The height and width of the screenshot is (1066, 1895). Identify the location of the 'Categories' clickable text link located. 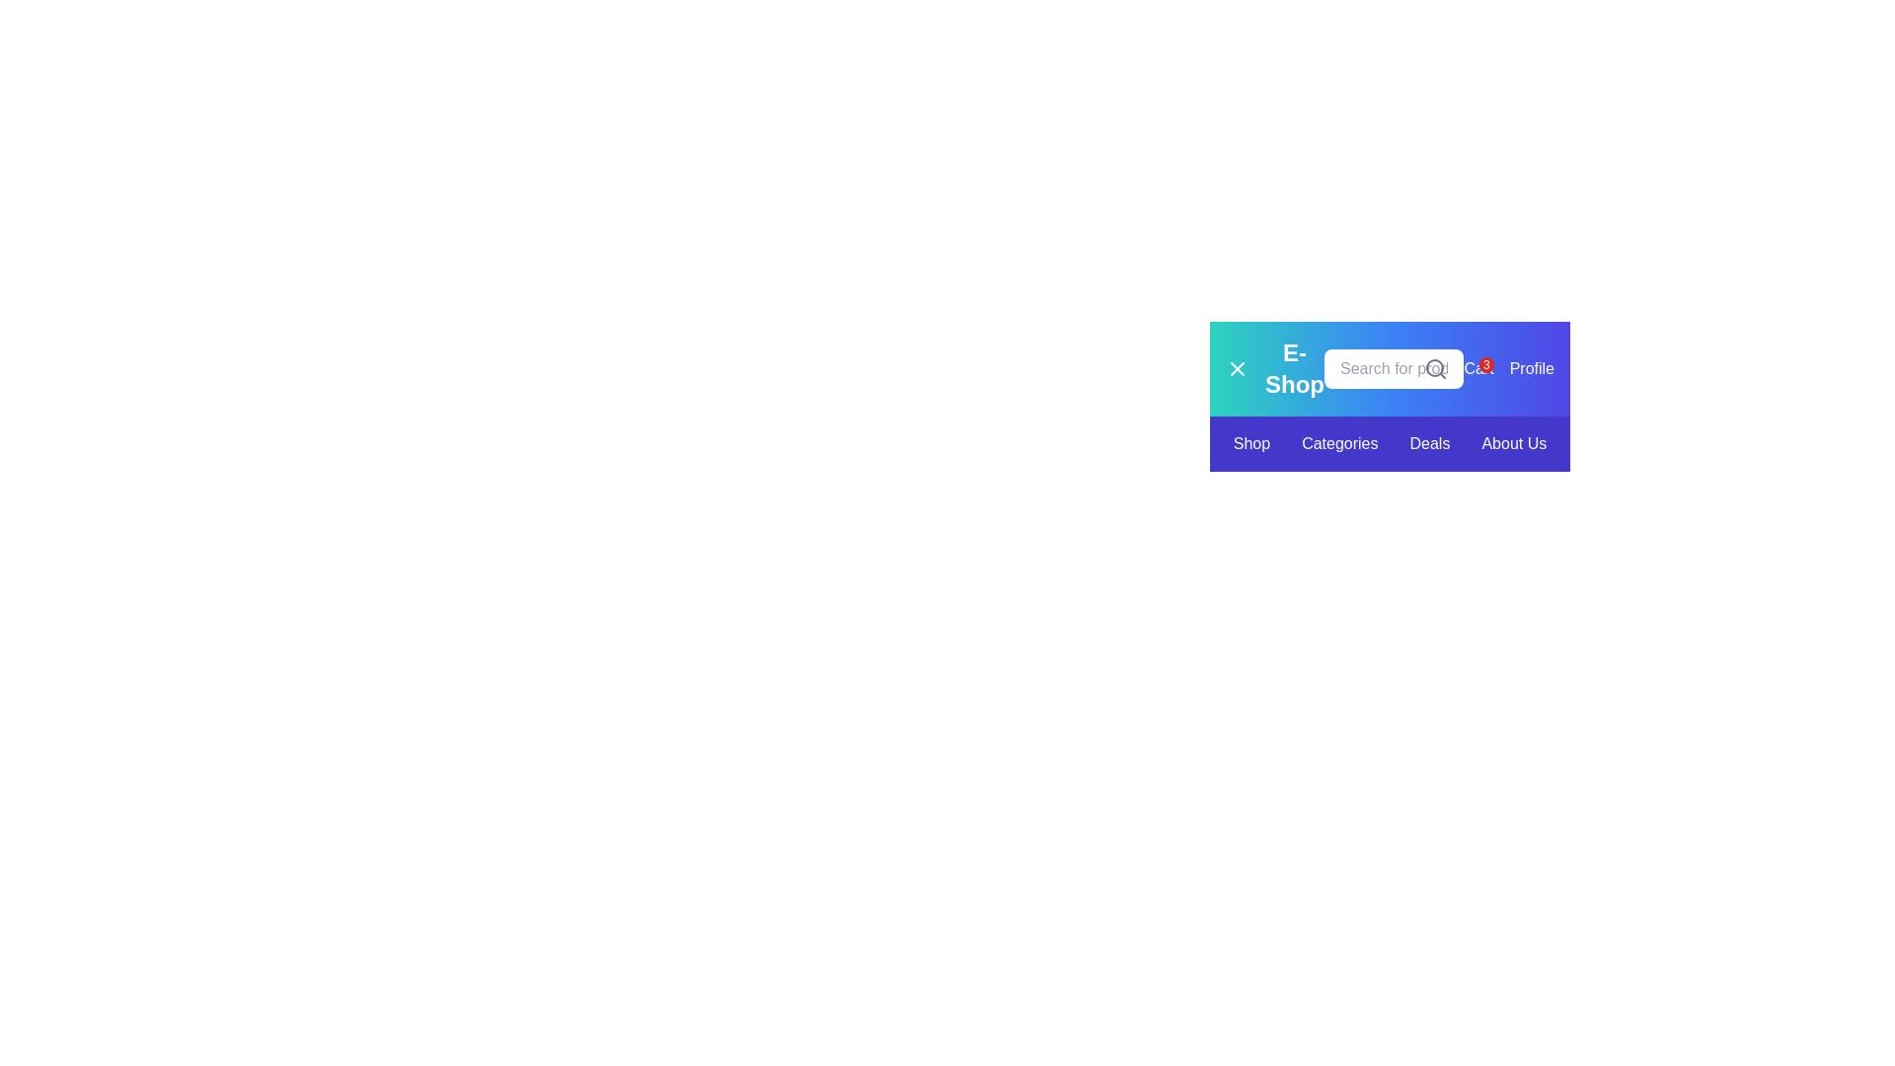
(1339, 444).